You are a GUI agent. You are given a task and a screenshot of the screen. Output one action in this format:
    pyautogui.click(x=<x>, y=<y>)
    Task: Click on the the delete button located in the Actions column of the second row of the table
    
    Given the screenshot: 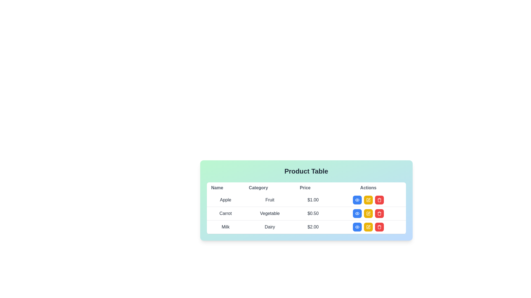 What is the action you would take?
    pyautogui.click(x=379, y=213)
    